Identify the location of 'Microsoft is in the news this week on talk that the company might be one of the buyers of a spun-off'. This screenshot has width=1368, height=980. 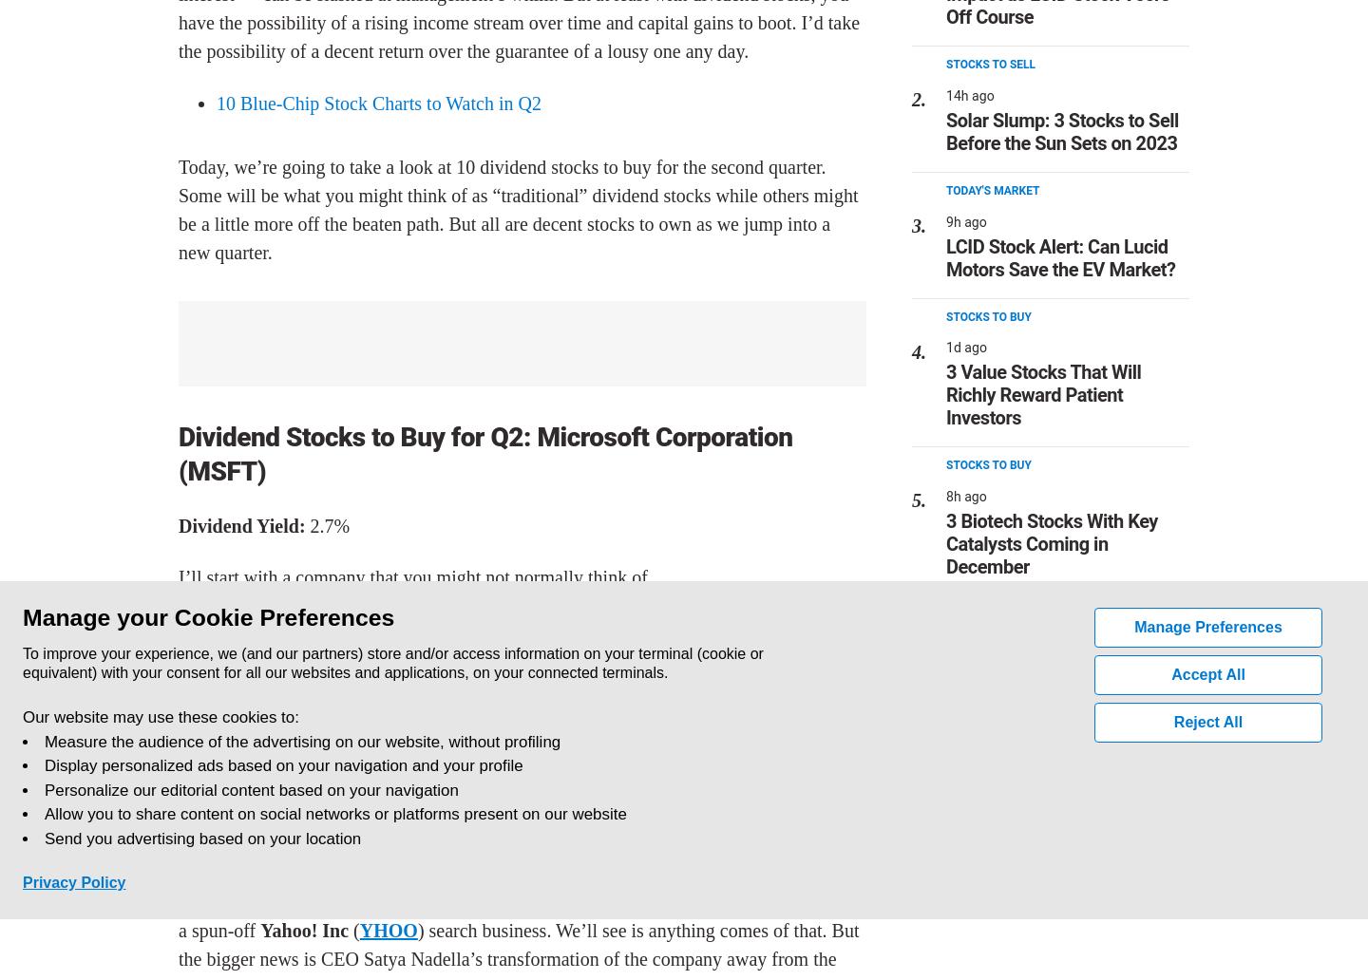
(519, 915).